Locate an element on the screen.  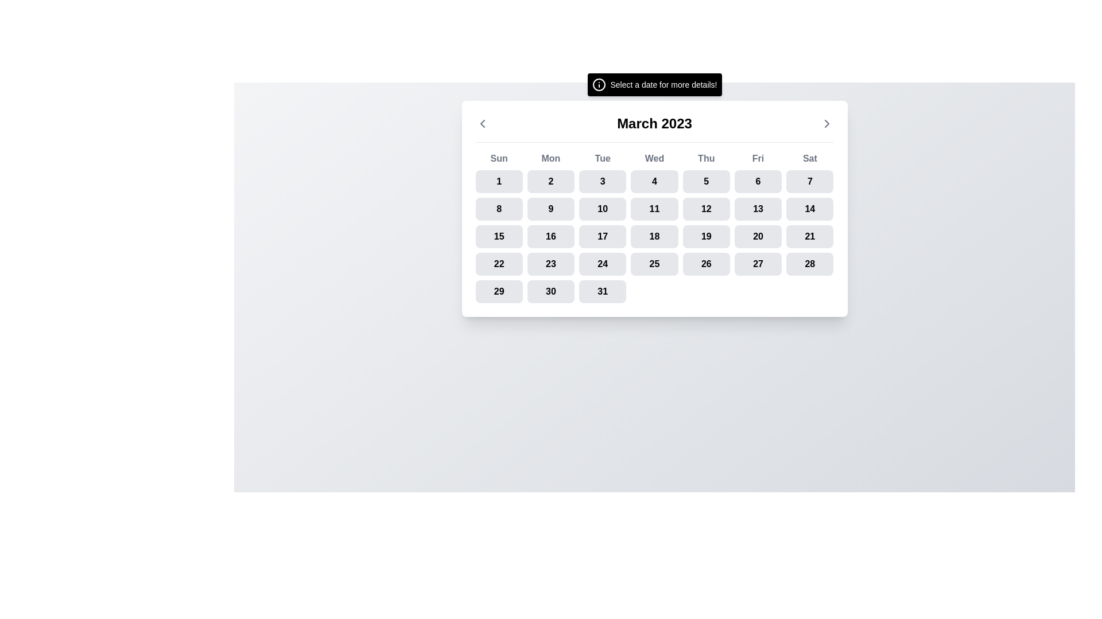
the button labeled '12' in the calendar interface, located on the fourth row and fifth column under 'Thu', to observe the hover effect is located at coordinates (705, 209).